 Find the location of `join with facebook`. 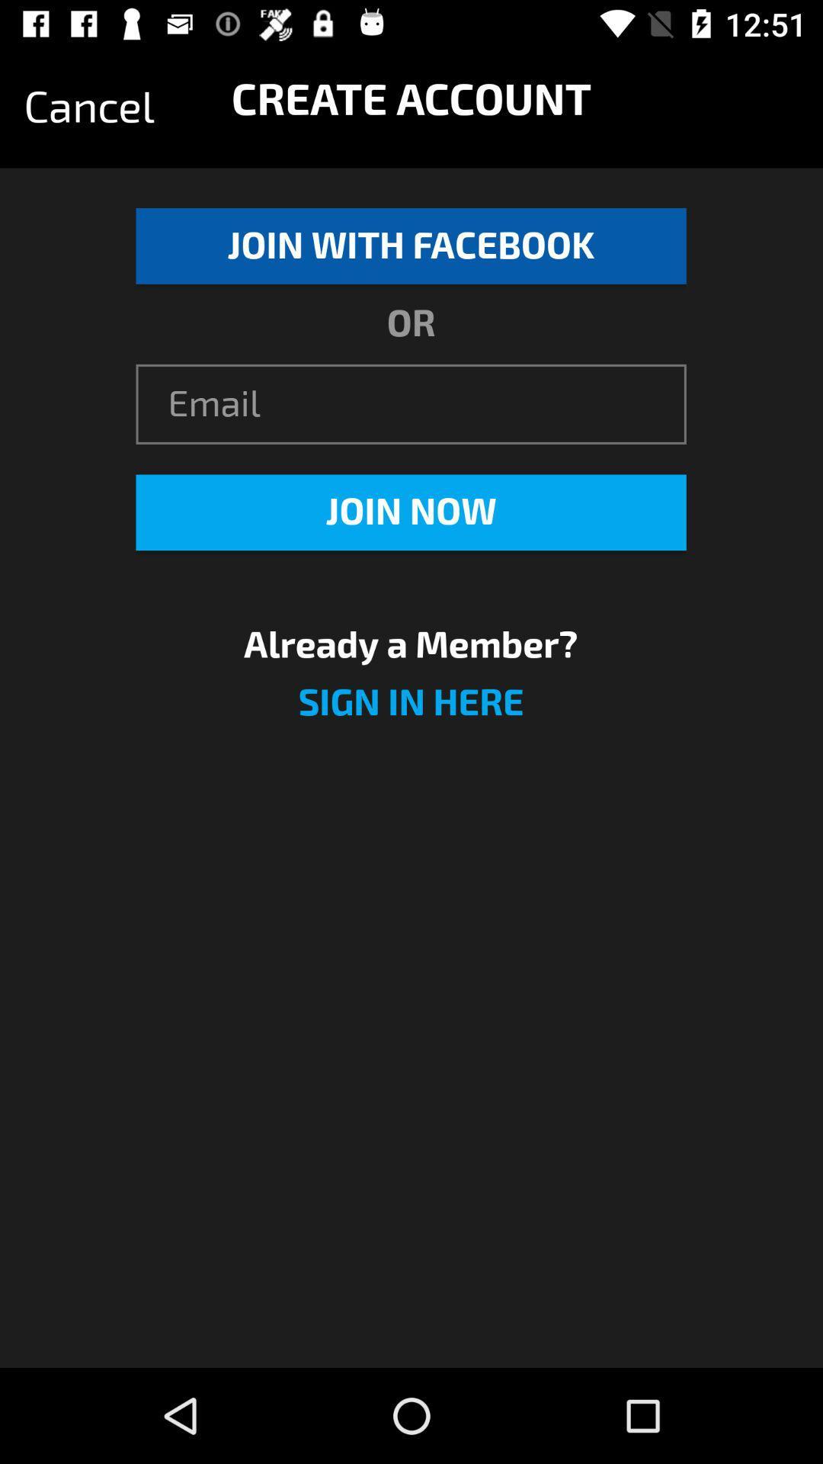

join with facebook is located at coordinates (410, 246).